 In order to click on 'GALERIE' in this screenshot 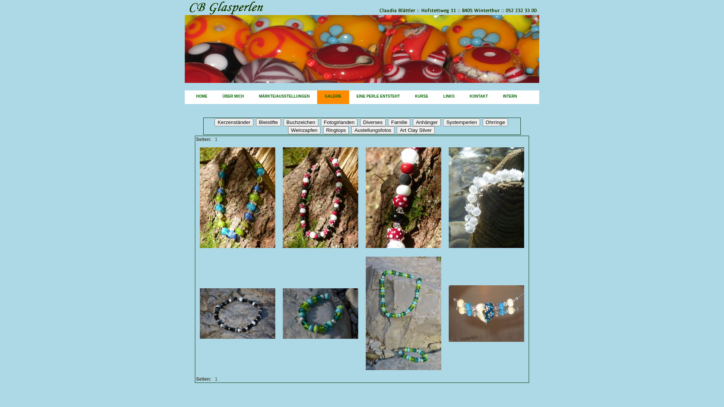, I will do `click(333, 97)`.